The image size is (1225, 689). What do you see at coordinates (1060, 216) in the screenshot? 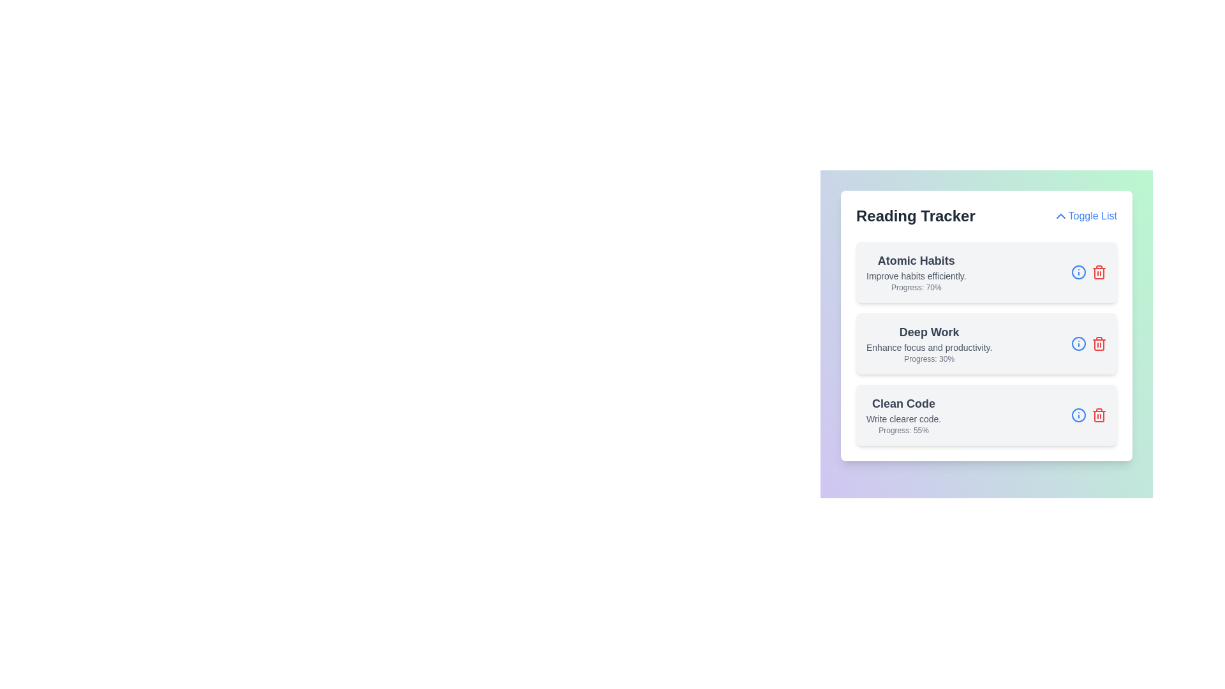
I see `the upward-facing chevron icon in blue color next to the 'Toggle List' text` at bounding box center [1060, 216].